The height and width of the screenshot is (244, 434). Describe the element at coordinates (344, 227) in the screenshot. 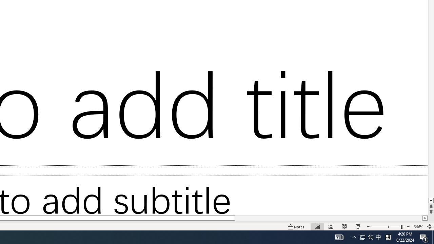

I see `'Reading View'` at that location.